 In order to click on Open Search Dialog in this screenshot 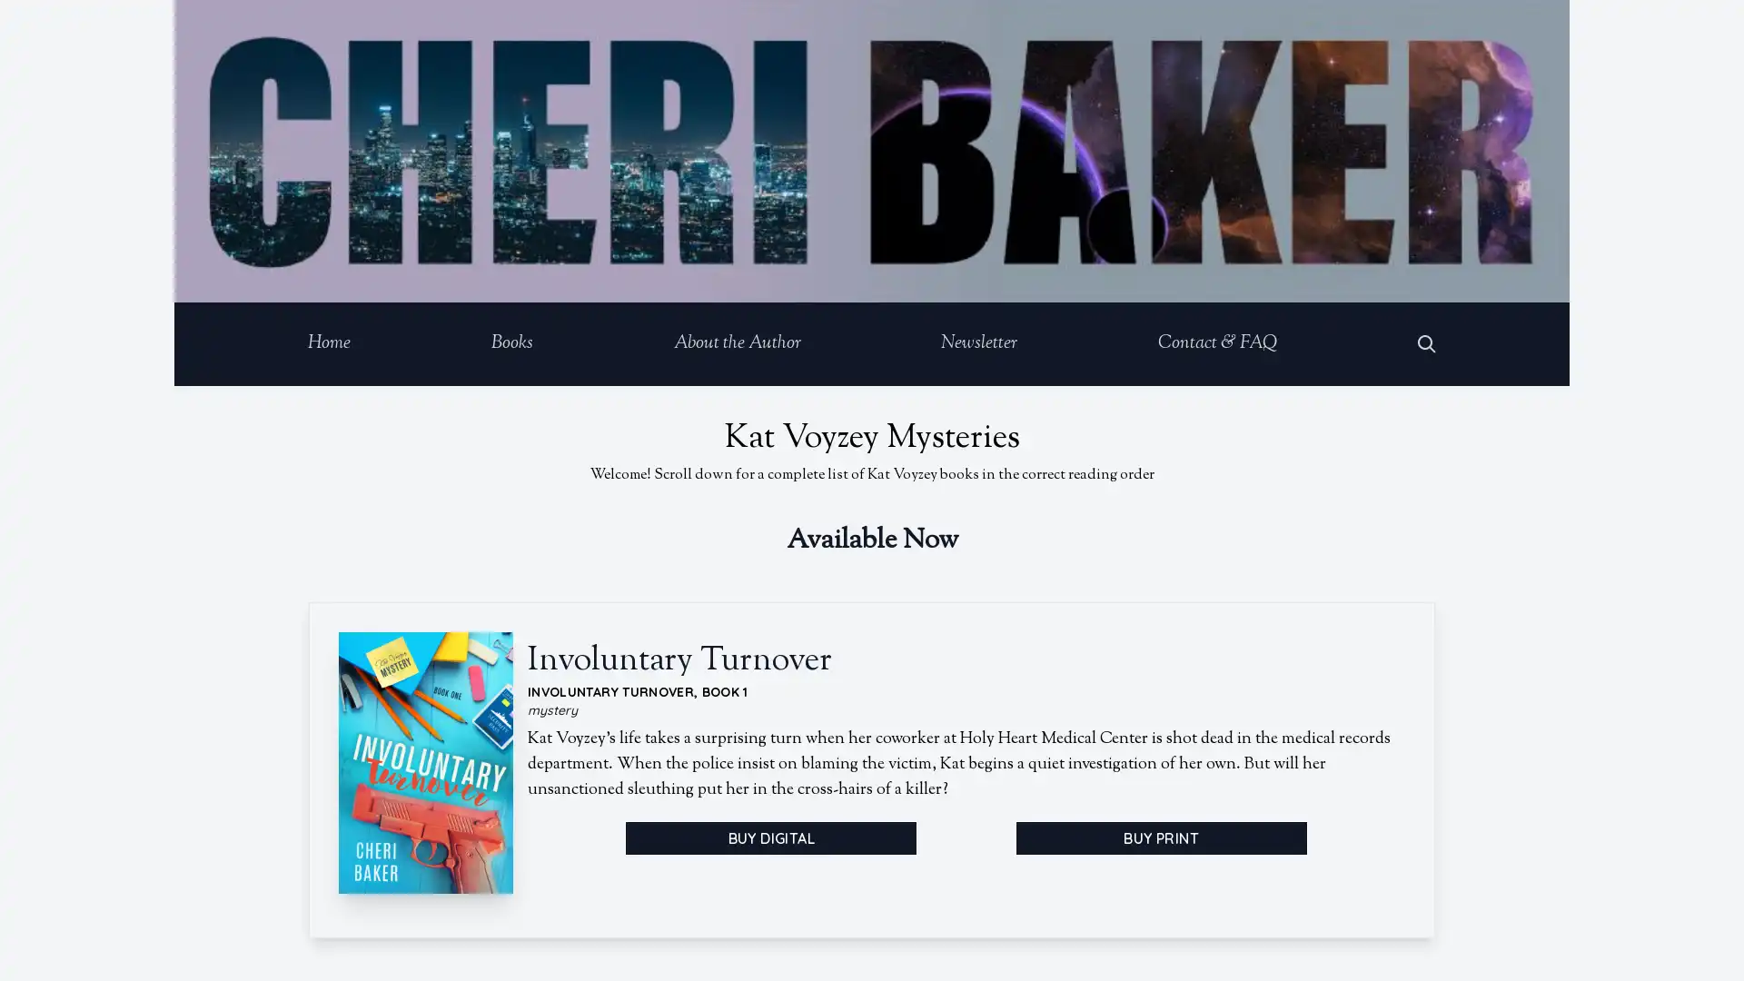, I will do `click(1425, 343)`.